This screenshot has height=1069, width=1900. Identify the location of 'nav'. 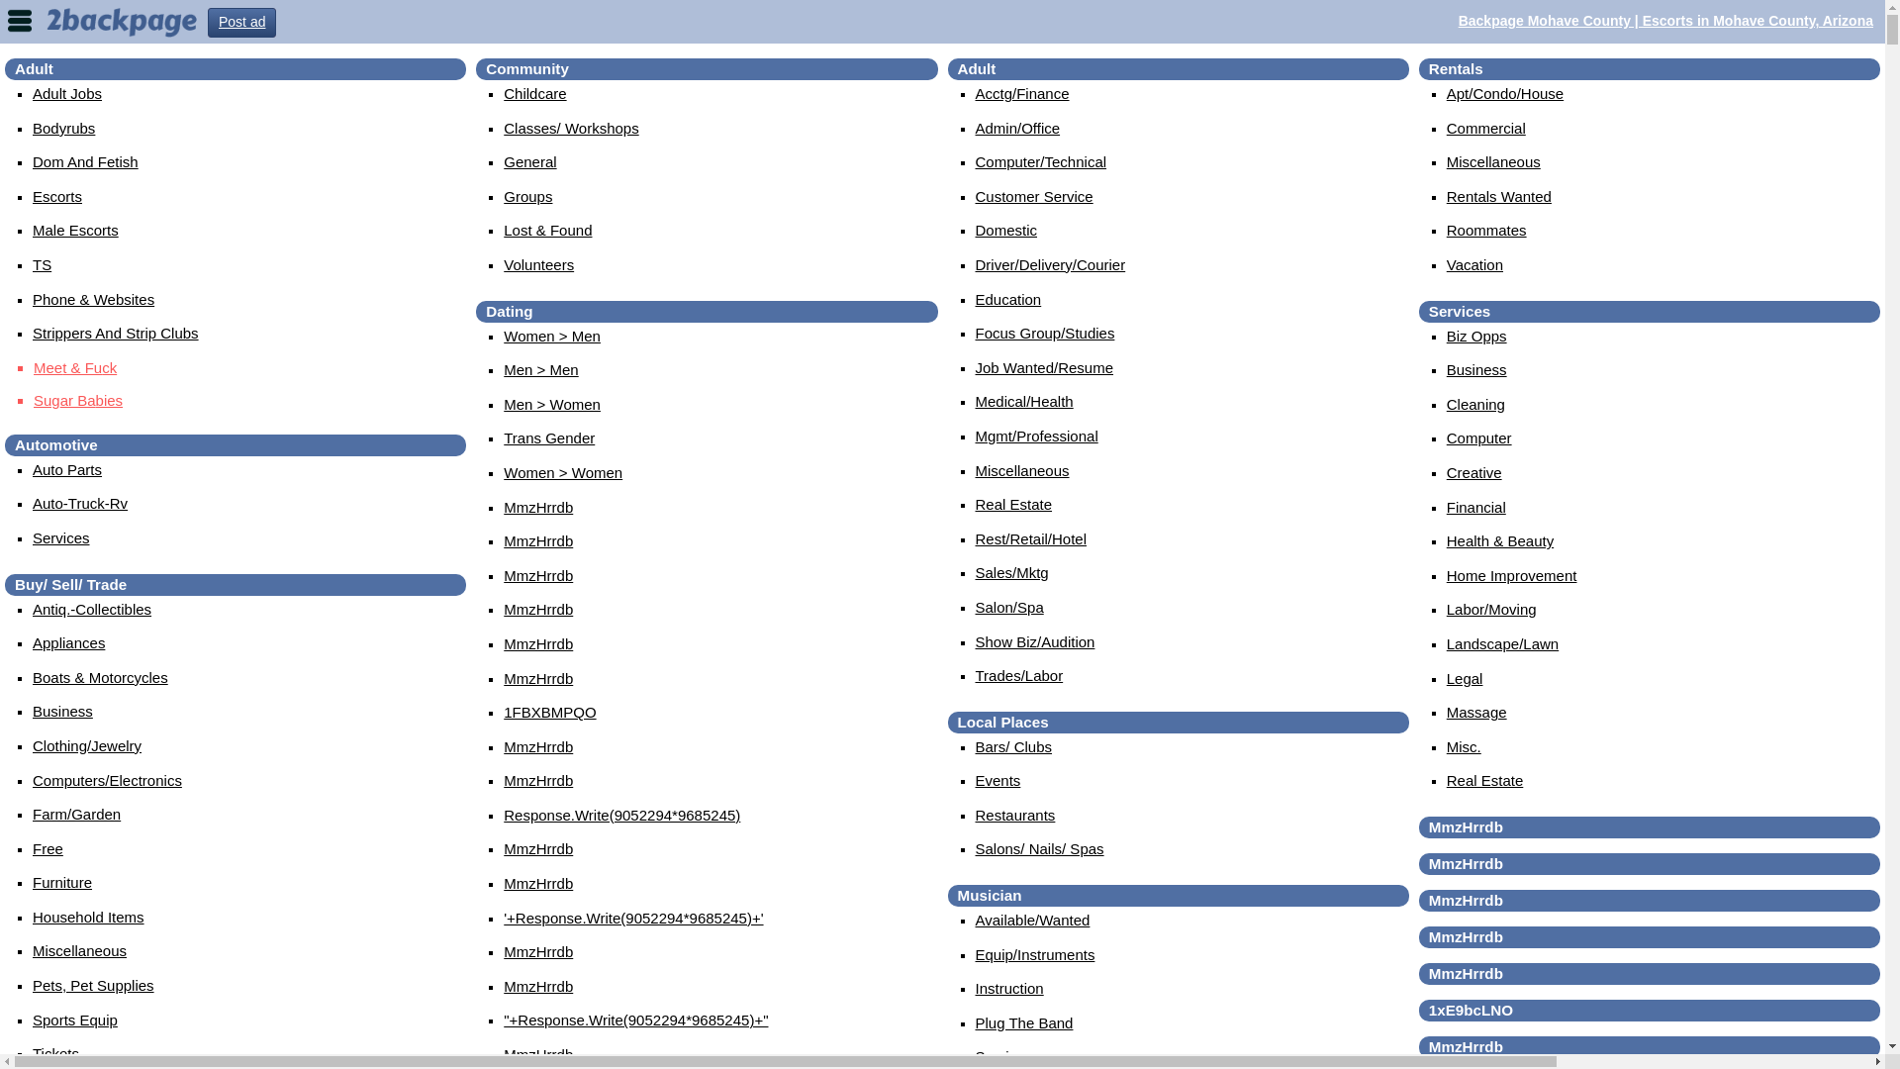
(19, 19).